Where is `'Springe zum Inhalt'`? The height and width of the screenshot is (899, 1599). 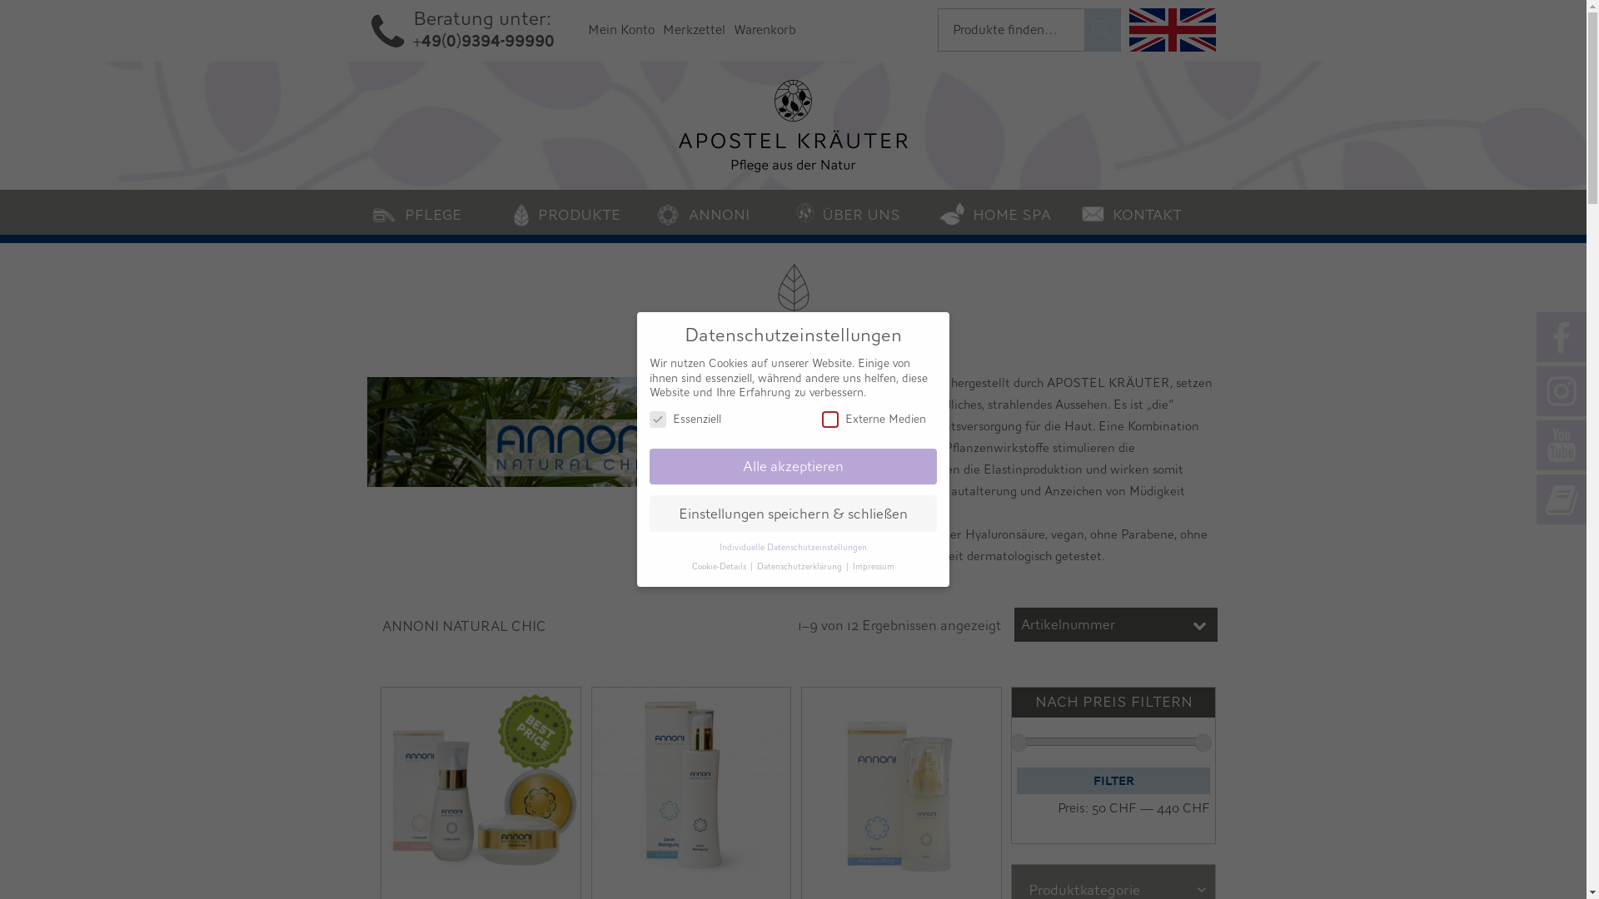
'Springe zum Inhalt' is located at coordinates (64, 205).